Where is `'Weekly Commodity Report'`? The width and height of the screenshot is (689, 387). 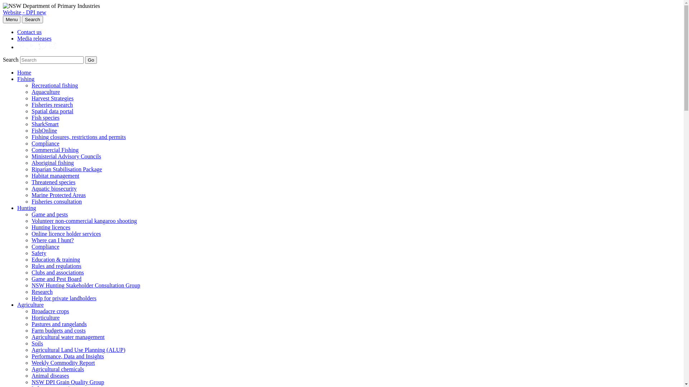 'Weekly Commodity Report' is located at coordinates (63, 363).